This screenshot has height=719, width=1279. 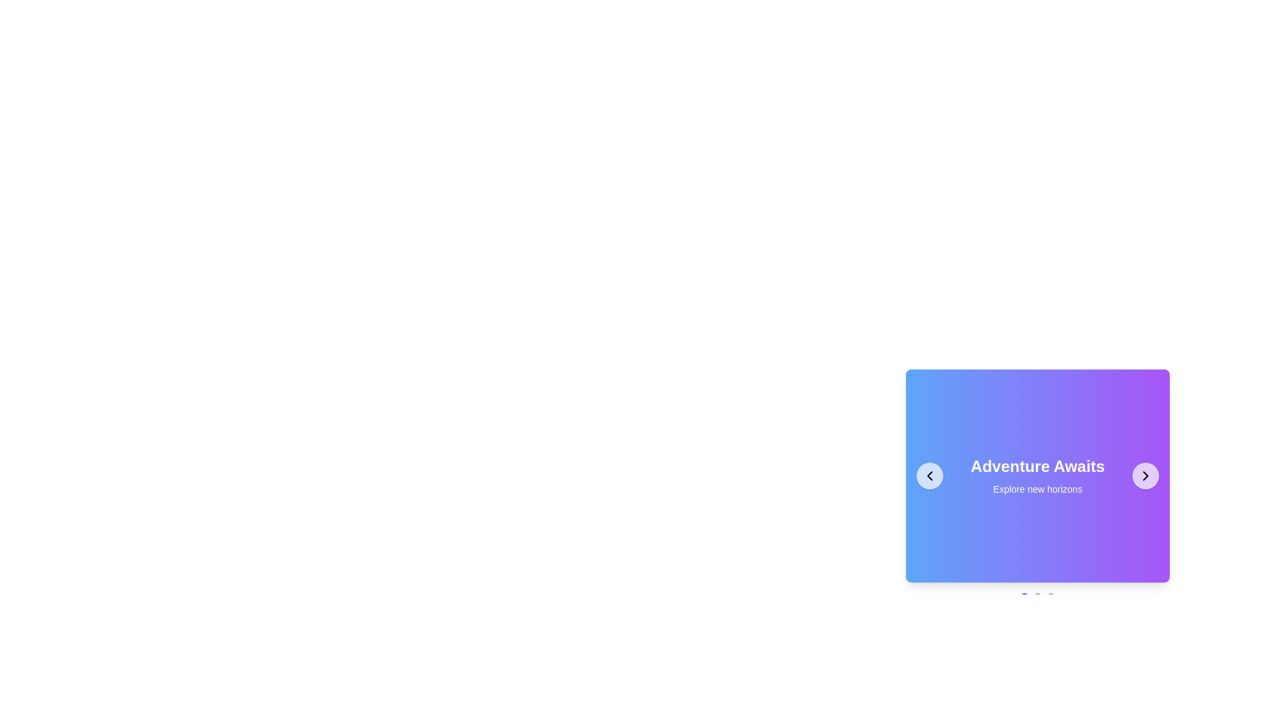 I want to click on the leftward chevron icon within the circular button on the left edge of the 'Adventure Awaits' card, so click(x=929, y=475).